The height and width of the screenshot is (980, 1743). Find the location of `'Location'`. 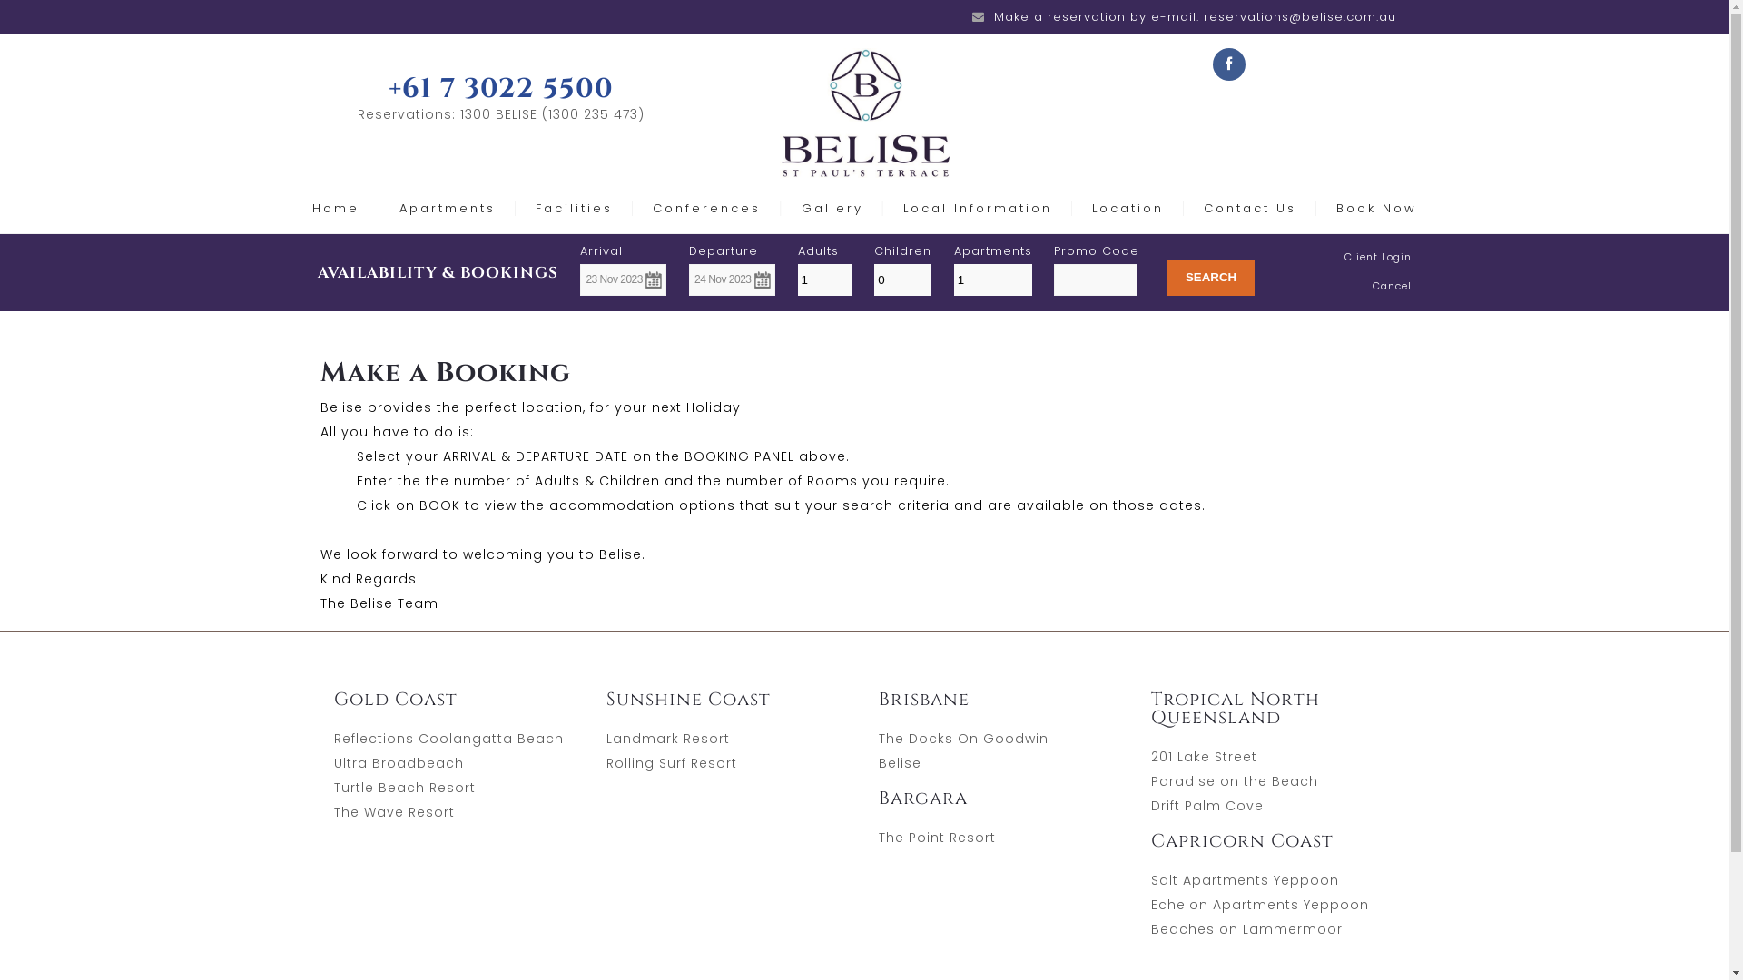

'Location' is located at coordinates (1091, 207).